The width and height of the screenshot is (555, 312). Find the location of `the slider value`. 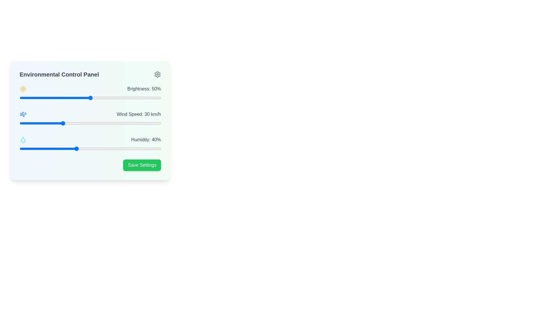

the slider value is located at coordinates (32, 98).